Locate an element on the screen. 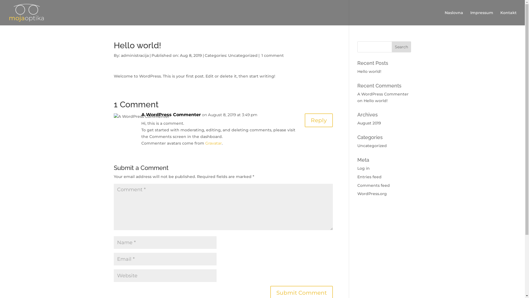 This screenshot has height=298, width=529. 'Kontakt' is located at coordinates (508, 18).